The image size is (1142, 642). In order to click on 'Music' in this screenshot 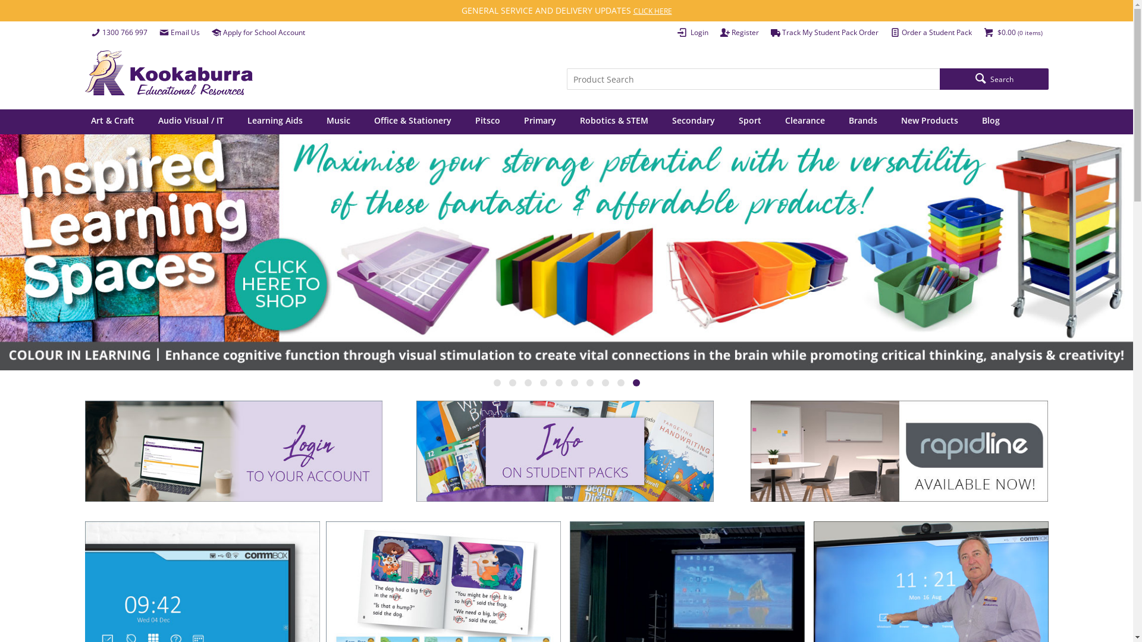, I will do `click(338, 121)`.